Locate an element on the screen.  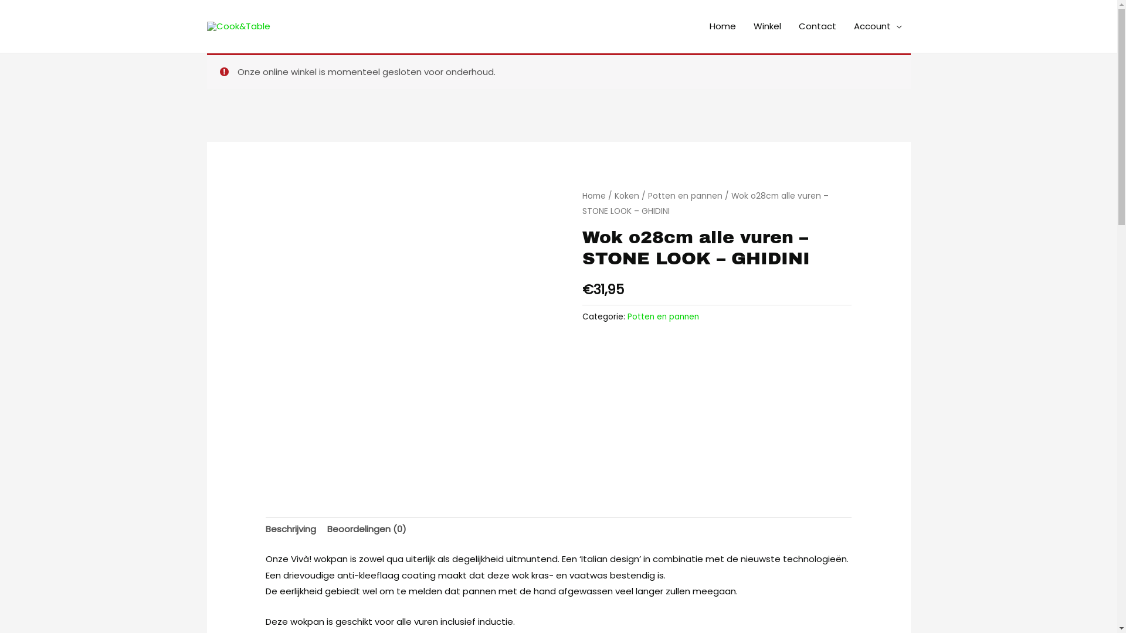
'Koken' is located at coordinates (626, 195).